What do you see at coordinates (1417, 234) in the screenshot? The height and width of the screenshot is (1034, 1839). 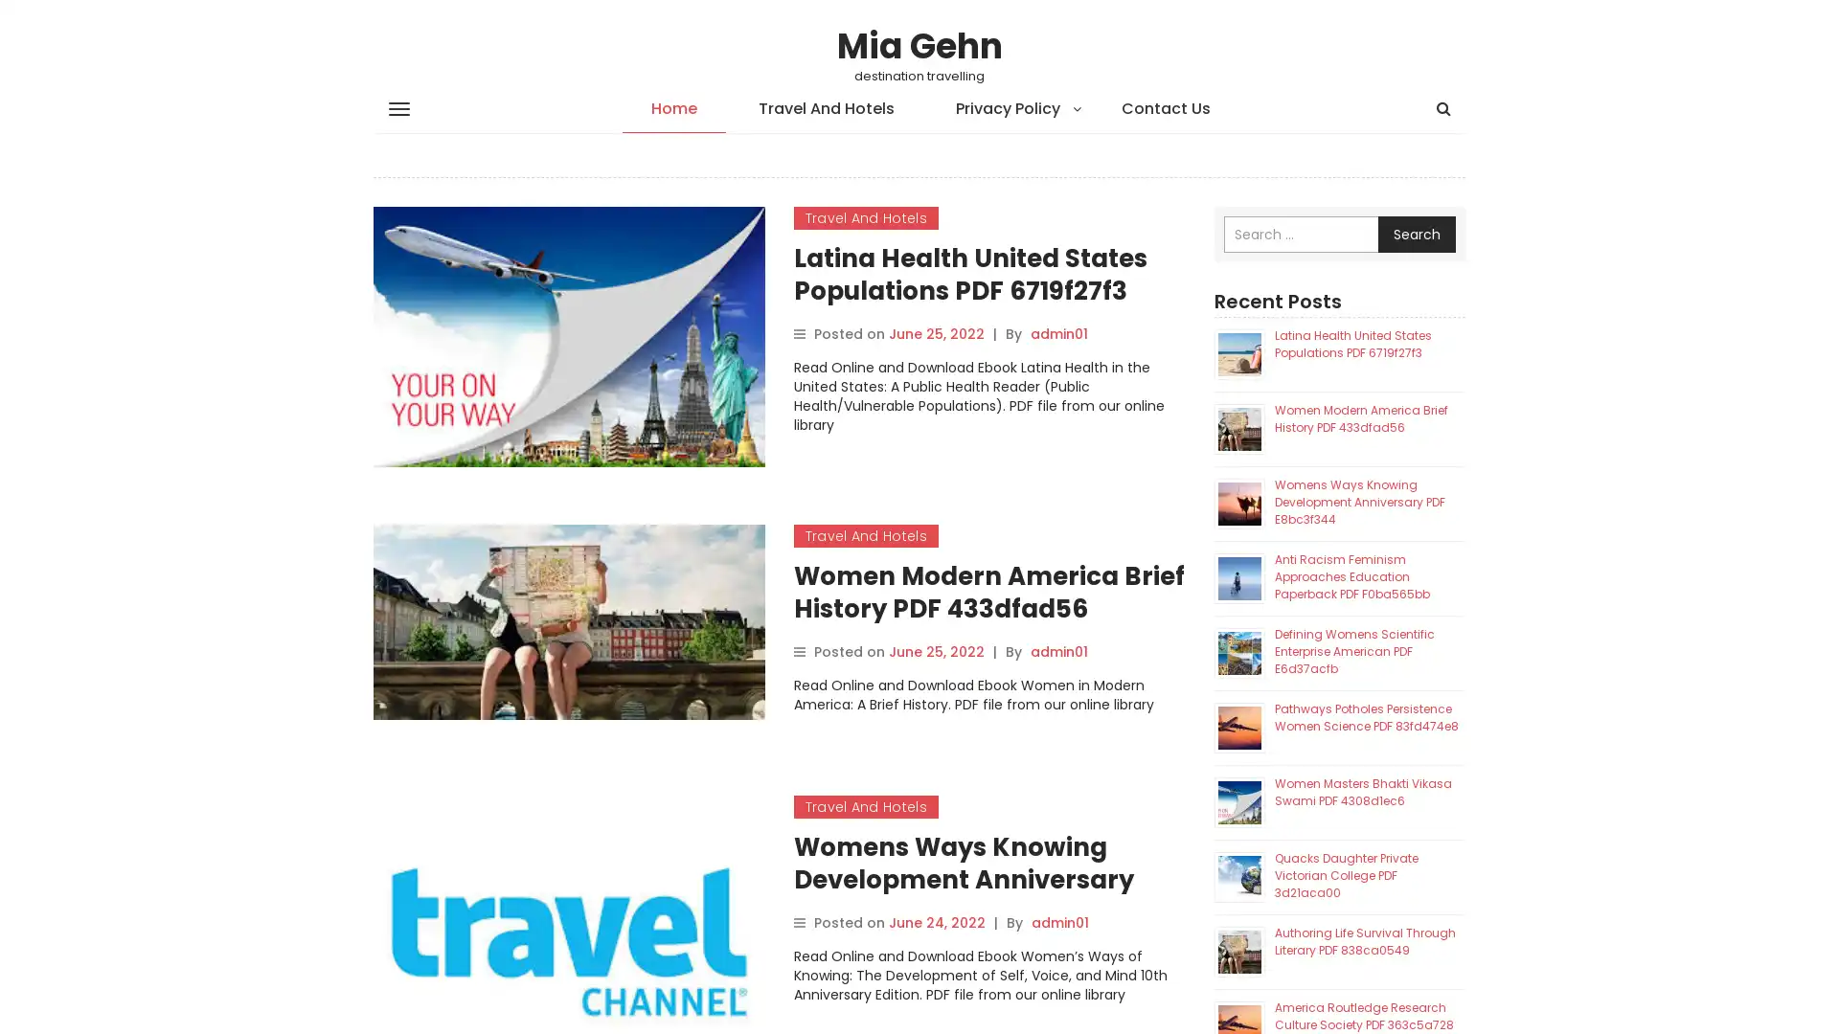 I see `Search` at bounding box center [1417, 234].